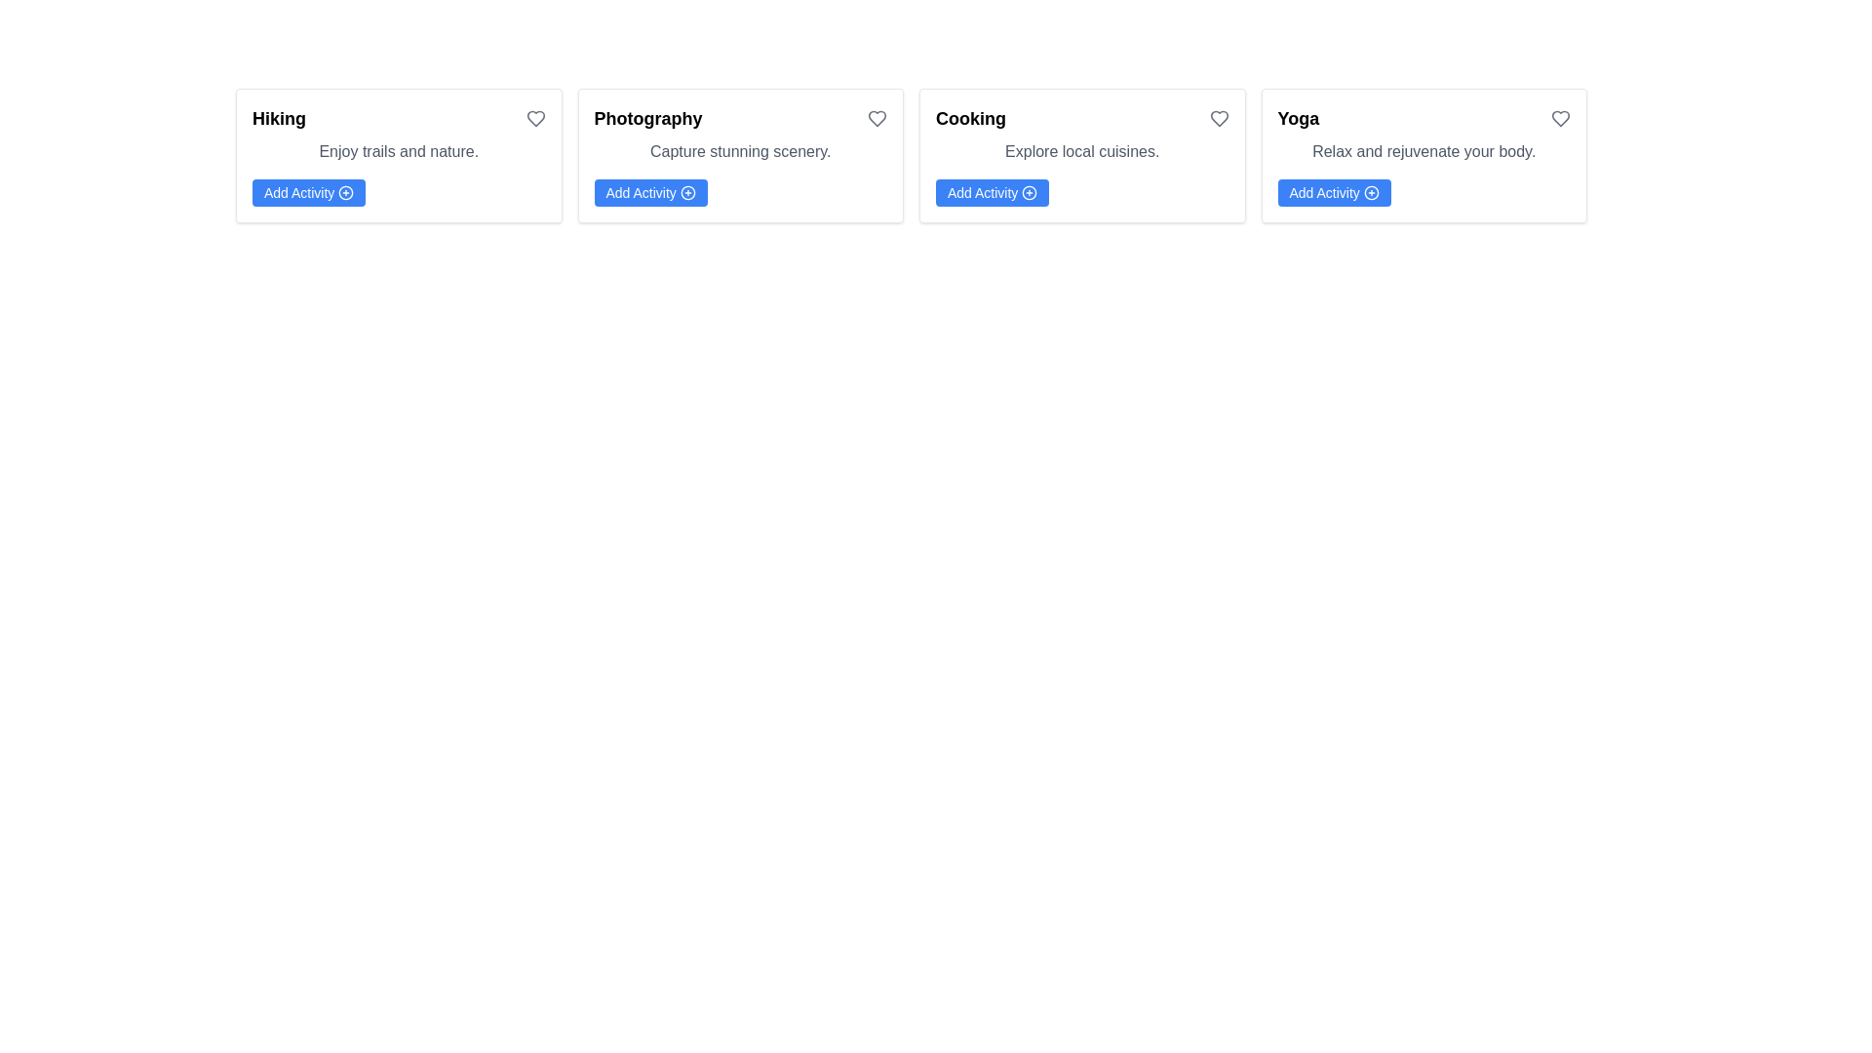  What do you see at coordinates (1081, 150) in the screenshot?
I see `the Text label that provides a brief description for the 'Cooking' activity, located directly below the title 'Cooking' and above the 'Add Activity' button` at bounding box center [1081, 150].